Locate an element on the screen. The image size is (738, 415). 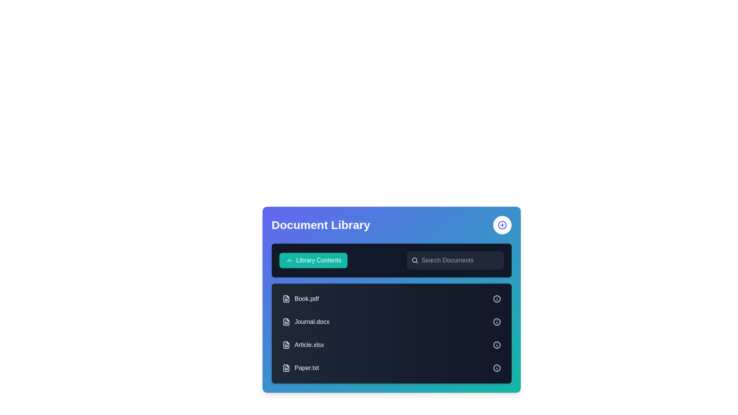
the first file entry in the document library, which represents the 'Book.pdf' file is located at coordinates (391, 299).